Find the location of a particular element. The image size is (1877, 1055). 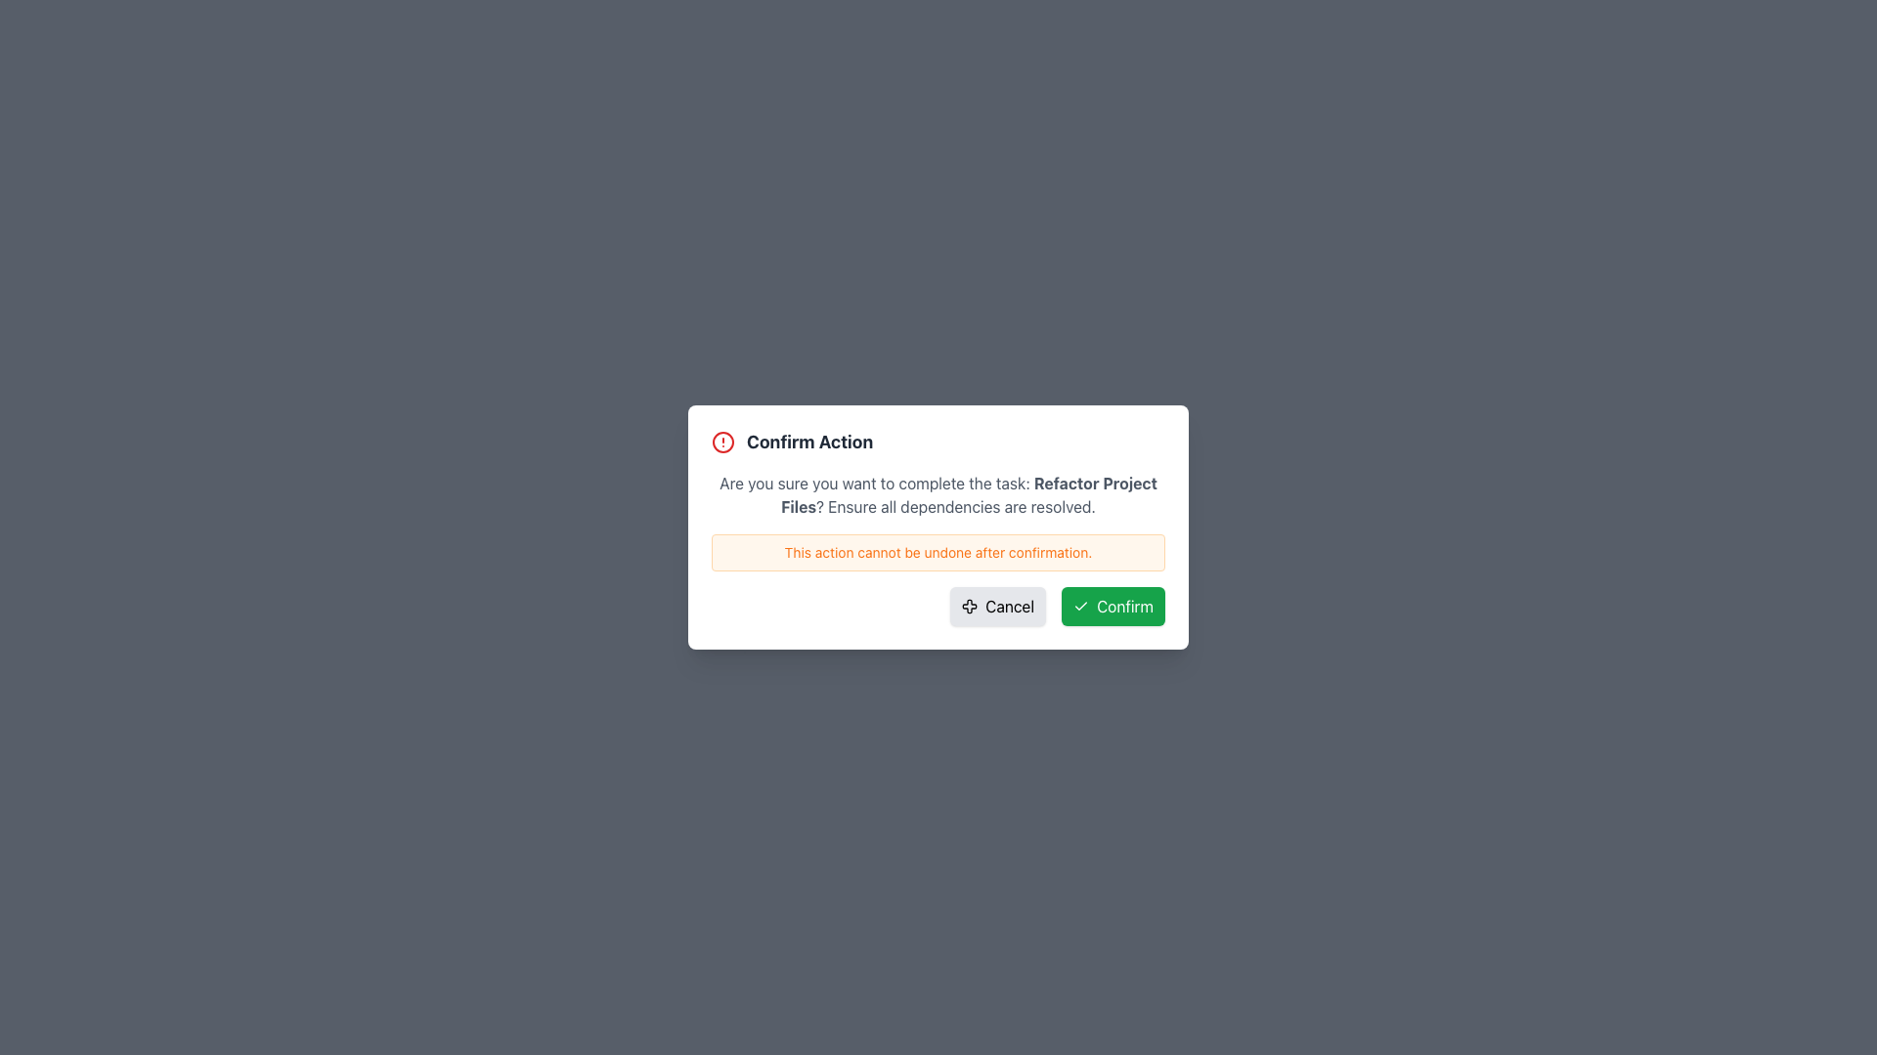

the checkmark icon inside the green 'Confirm' button, which is part of a confirmation dialog located at the bottom-right corner of the dialog box is located at coordinates (1080, 606).